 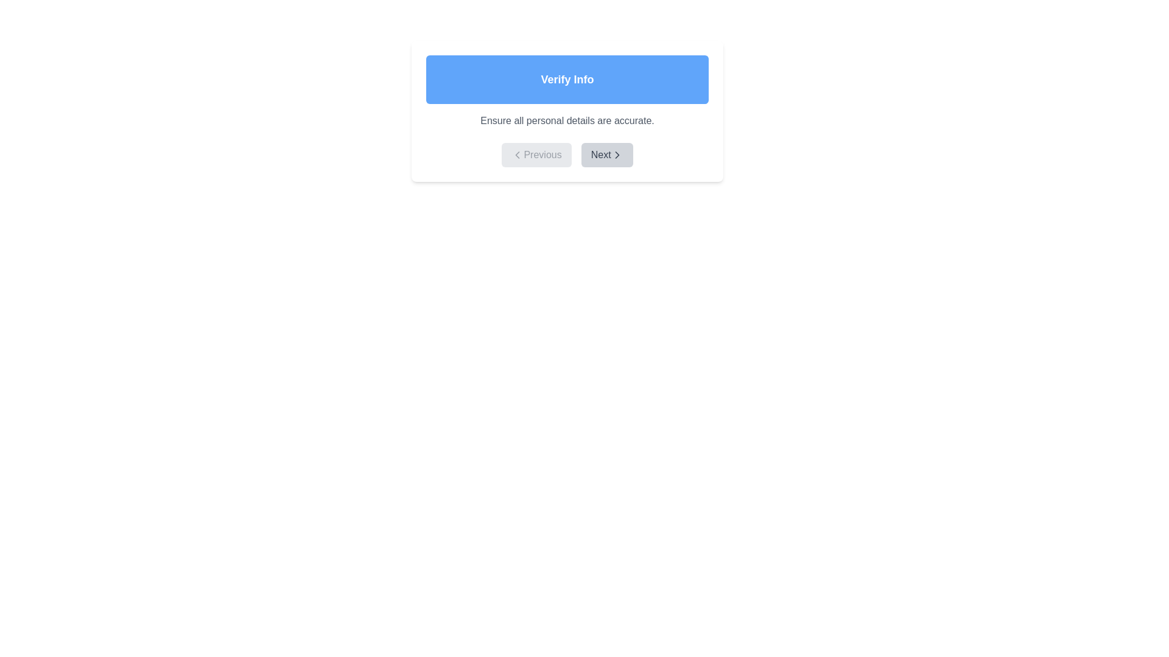 I want to click on text content of the title label located at the top-center of the interface, which is within a horizontal blue rectangle, so click(x=566, y=80).